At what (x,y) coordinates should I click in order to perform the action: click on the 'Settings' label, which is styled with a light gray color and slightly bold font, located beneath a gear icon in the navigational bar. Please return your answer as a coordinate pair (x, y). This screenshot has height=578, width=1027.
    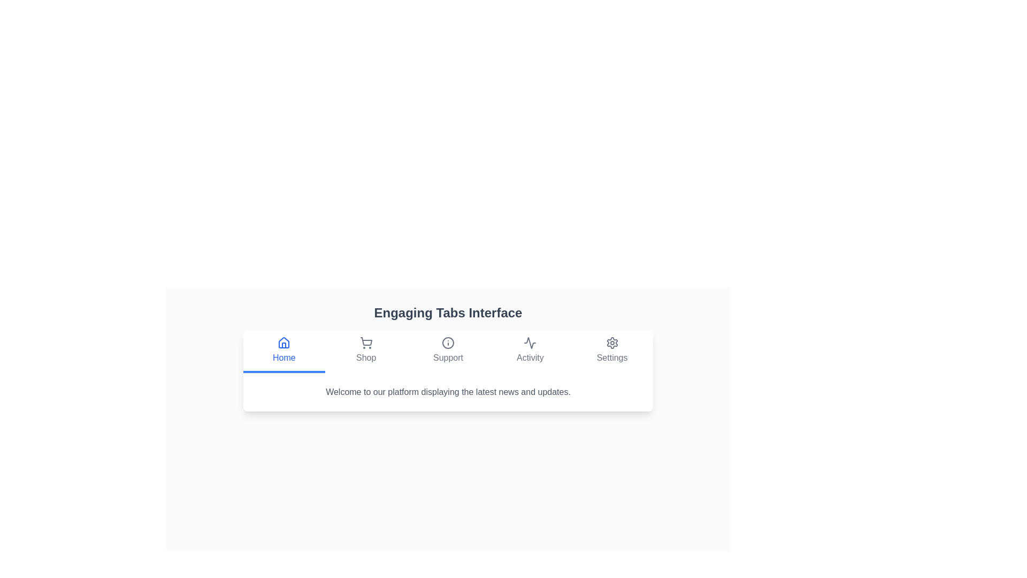
    Looking at the image, I should click on (612, 358).